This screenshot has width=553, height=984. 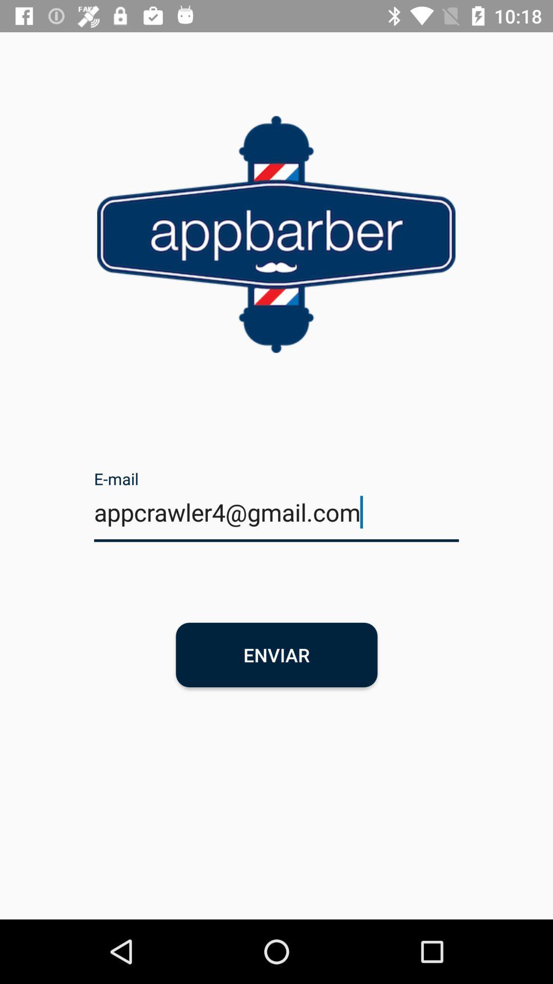 What do you see at coordinates (276, 519) in the screenshot?
I see `icon above the enviar` at bounding box center [276, 519].